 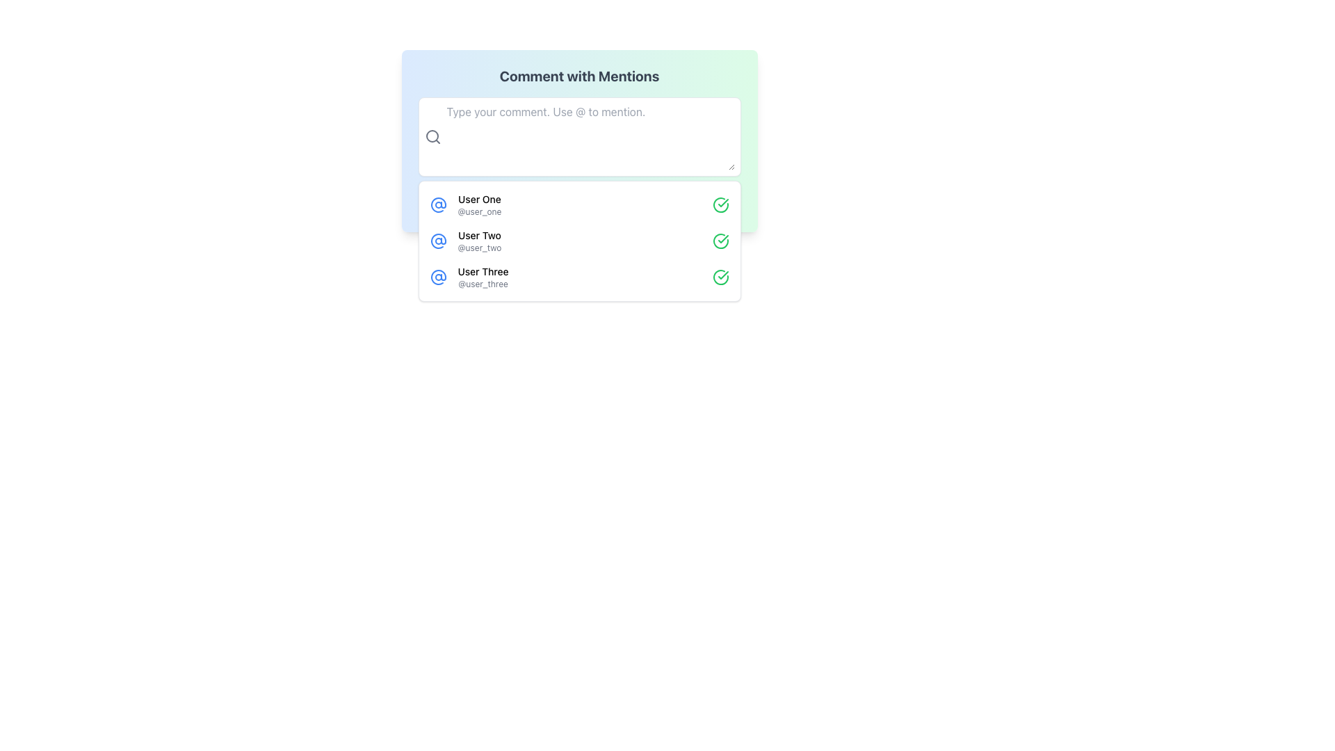 What do you see at coordinates (479, 235) in the screenshot?
I see `the user's display name text label, which is the second entry in the list of selectable items in the modal or dropdown` at bounding box center [479, 235].